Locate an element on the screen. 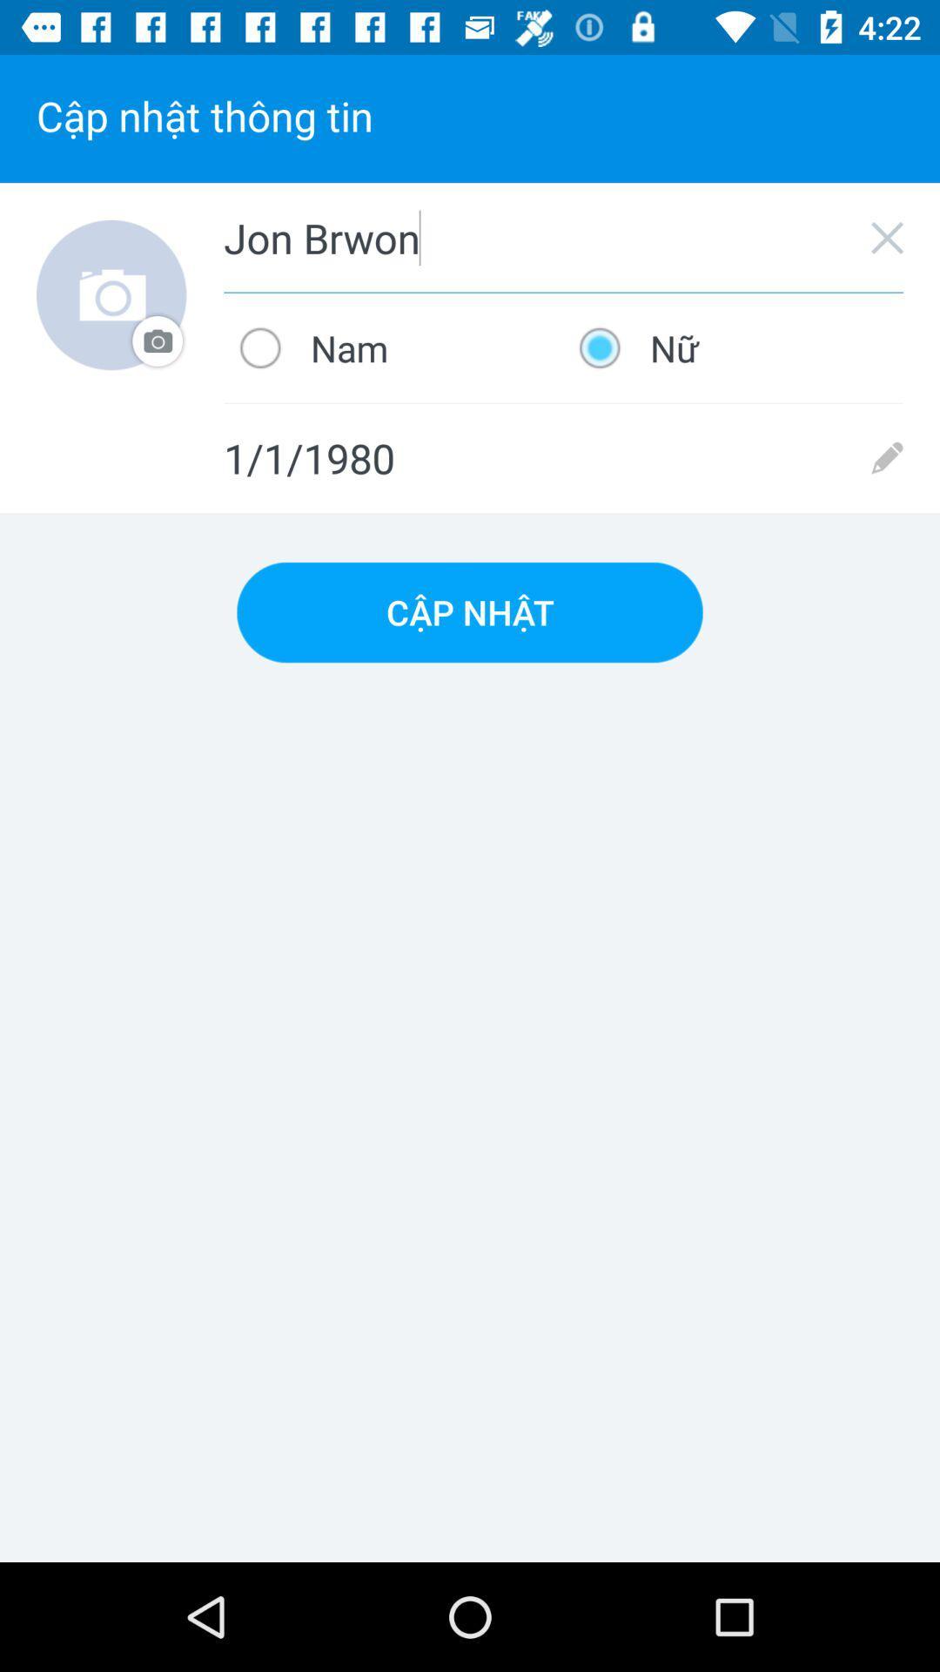  the nam icon is located at coordinates (393, 347).